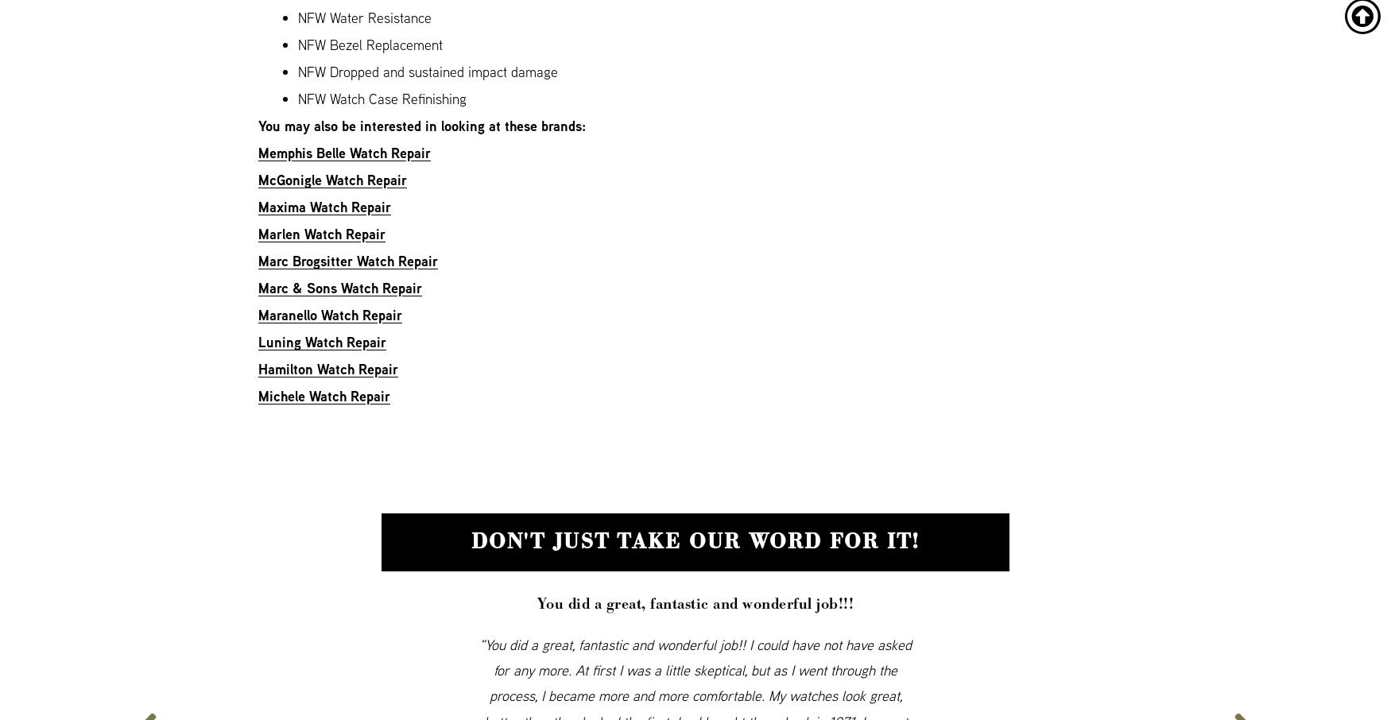 This screenshot has height=720, width=1391. Describe the element at coordinates (427, 72) in the screenshot. I see `'NFW Dropped and sustained impact damage'` at that location.